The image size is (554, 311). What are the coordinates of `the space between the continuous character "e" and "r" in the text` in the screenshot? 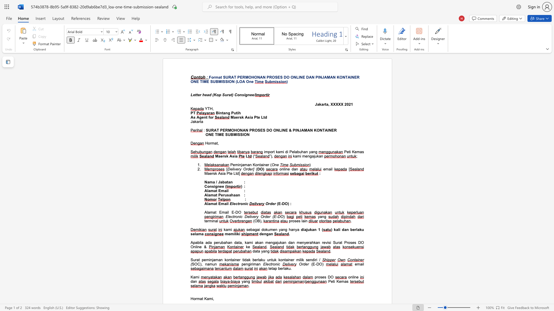 It's located at (267, 165).